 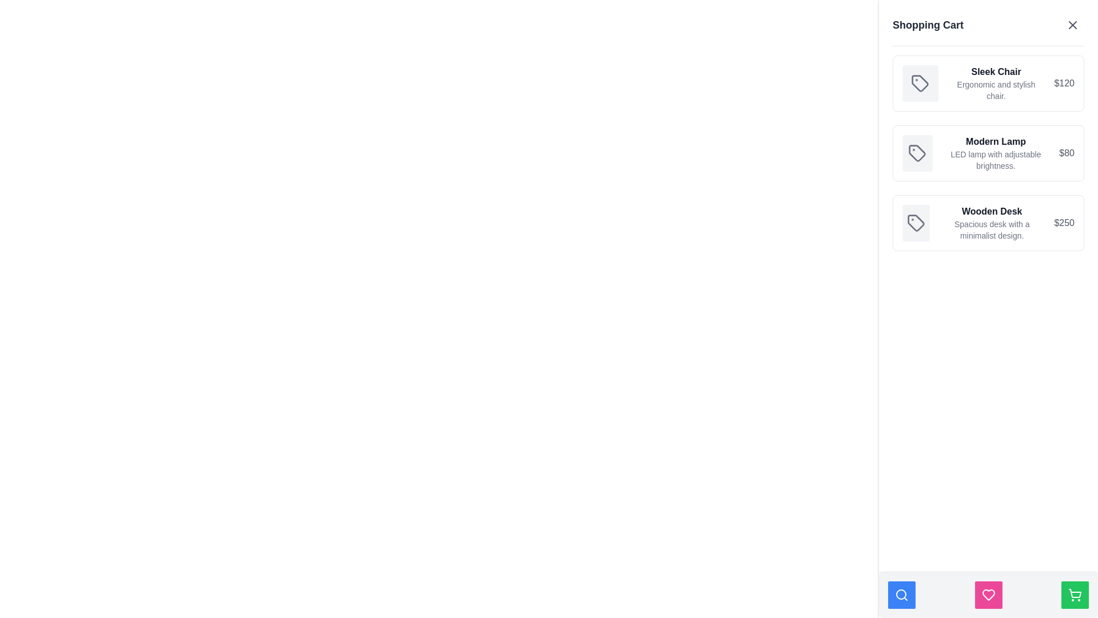 I want to click on the close button with an 'X' icon in the top-right corner of the 'Shopping Cart' panel to change its color, so click(x=1072, y=25).